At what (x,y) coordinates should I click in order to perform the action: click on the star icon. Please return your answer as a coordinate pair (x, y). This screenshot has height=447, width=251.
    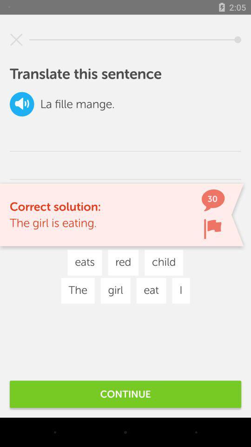
    Looking at the image, I should click on (16, 40).